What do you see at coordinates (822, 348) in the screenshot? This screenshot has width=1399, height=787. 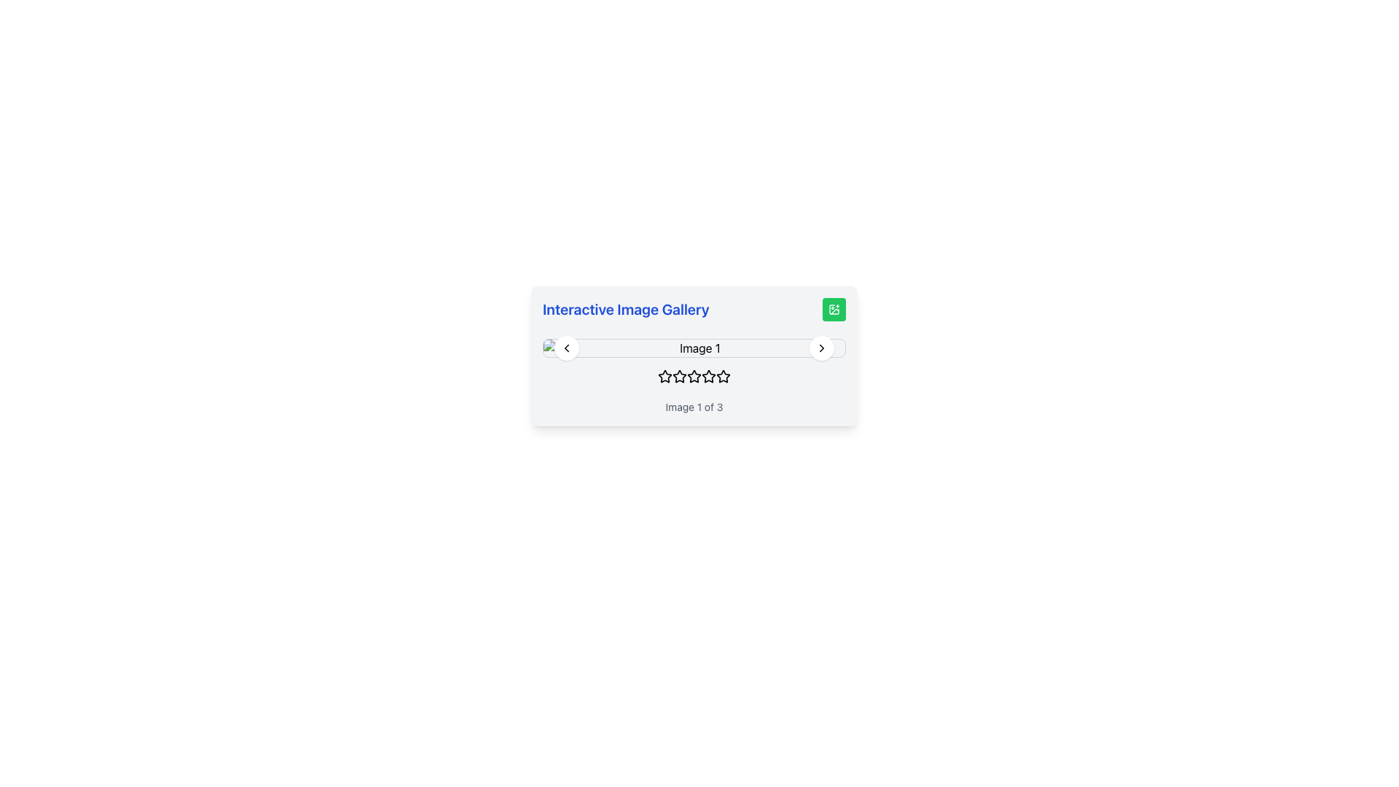 I see `the right-facing arrow icon within the circular button in the navigation strip of the 'Interactive Image Gallery' interface` at bounding box center [822, 348].